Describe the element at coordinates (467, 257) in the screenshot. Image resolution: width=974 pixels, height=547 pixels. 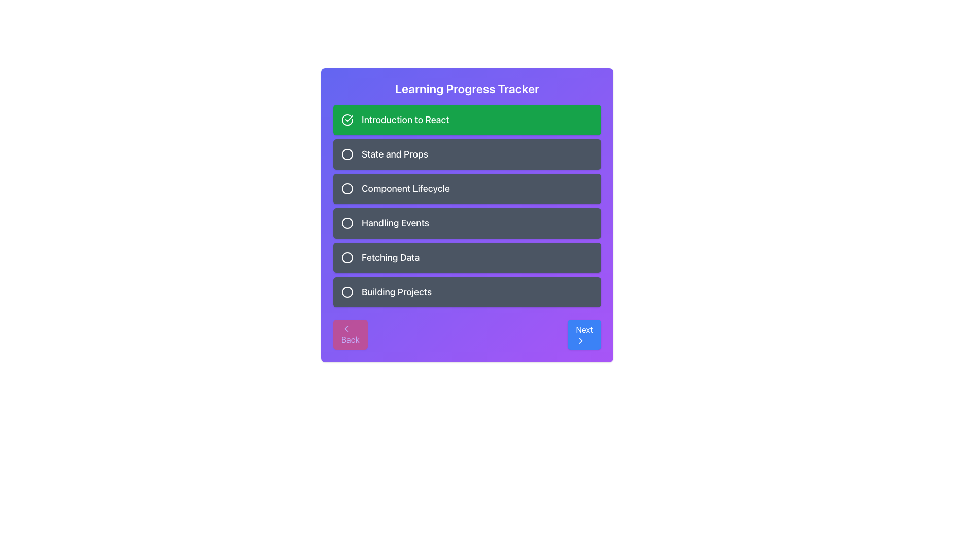
I see `the fifth item in the 'Learning Progress Tracker' section, which represents the 'Fetching Data' topic` at that location.